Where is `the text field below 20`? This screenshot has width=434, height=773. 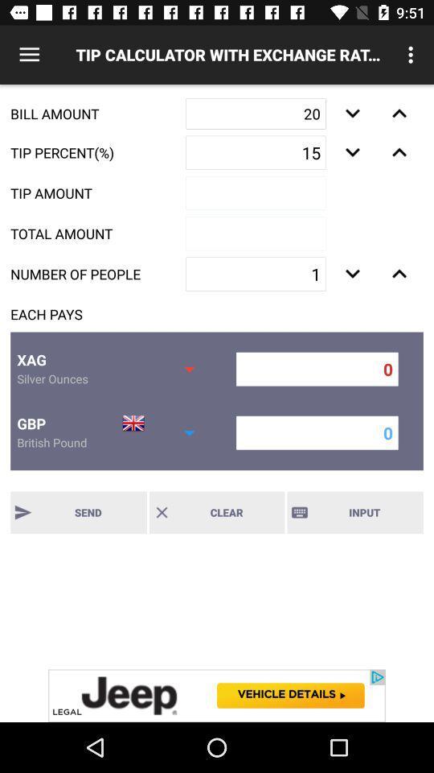
the text field below 20 is located at coordinates (256, 152).